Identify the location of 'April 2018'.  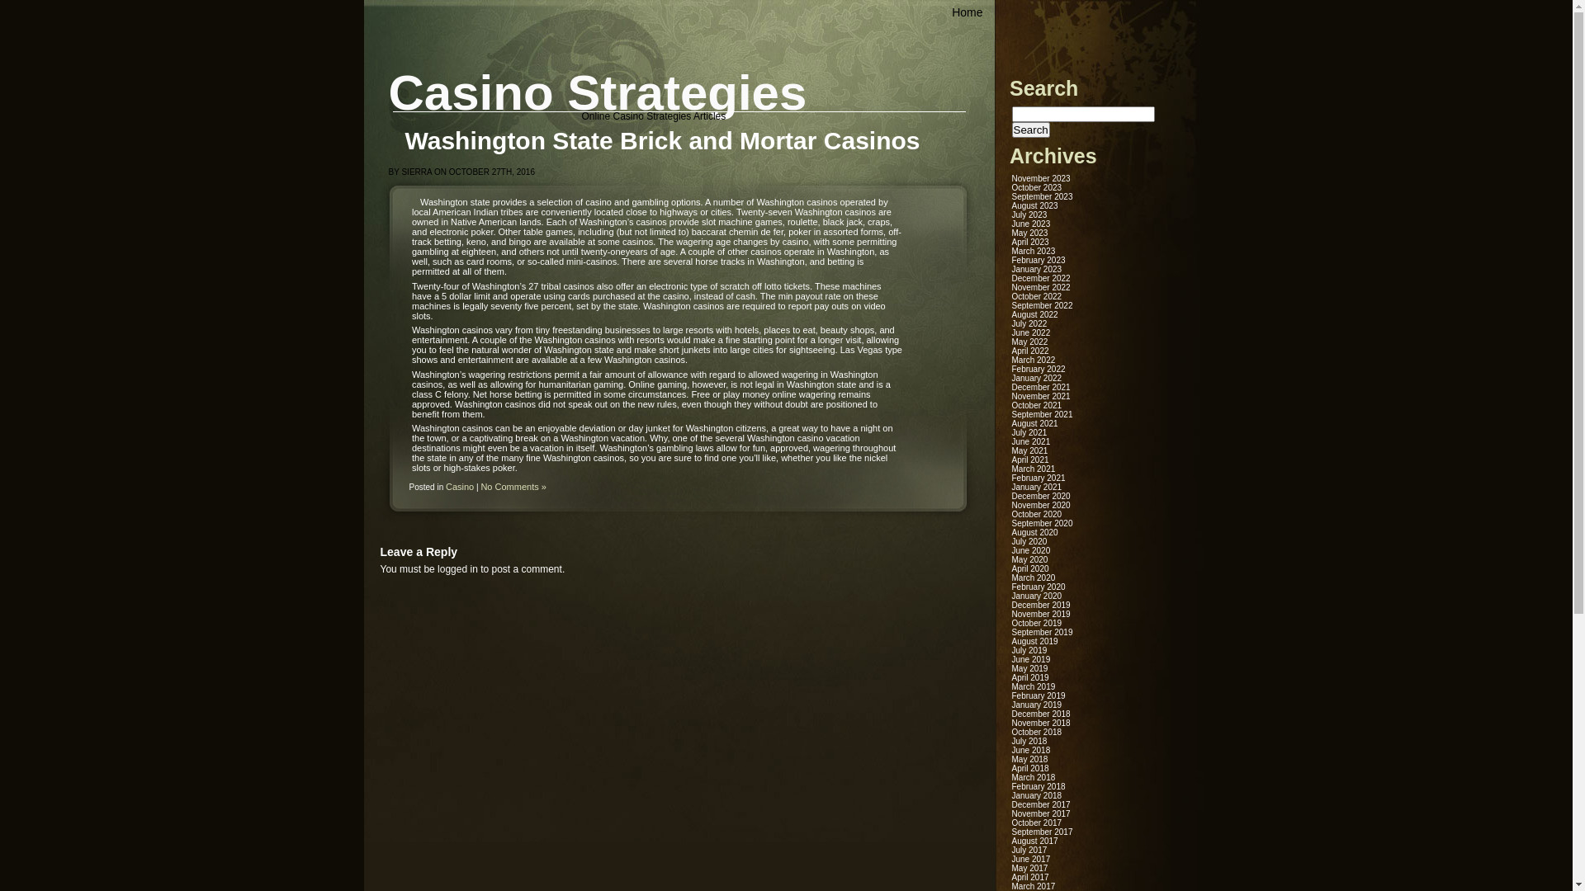
(1029, 768).